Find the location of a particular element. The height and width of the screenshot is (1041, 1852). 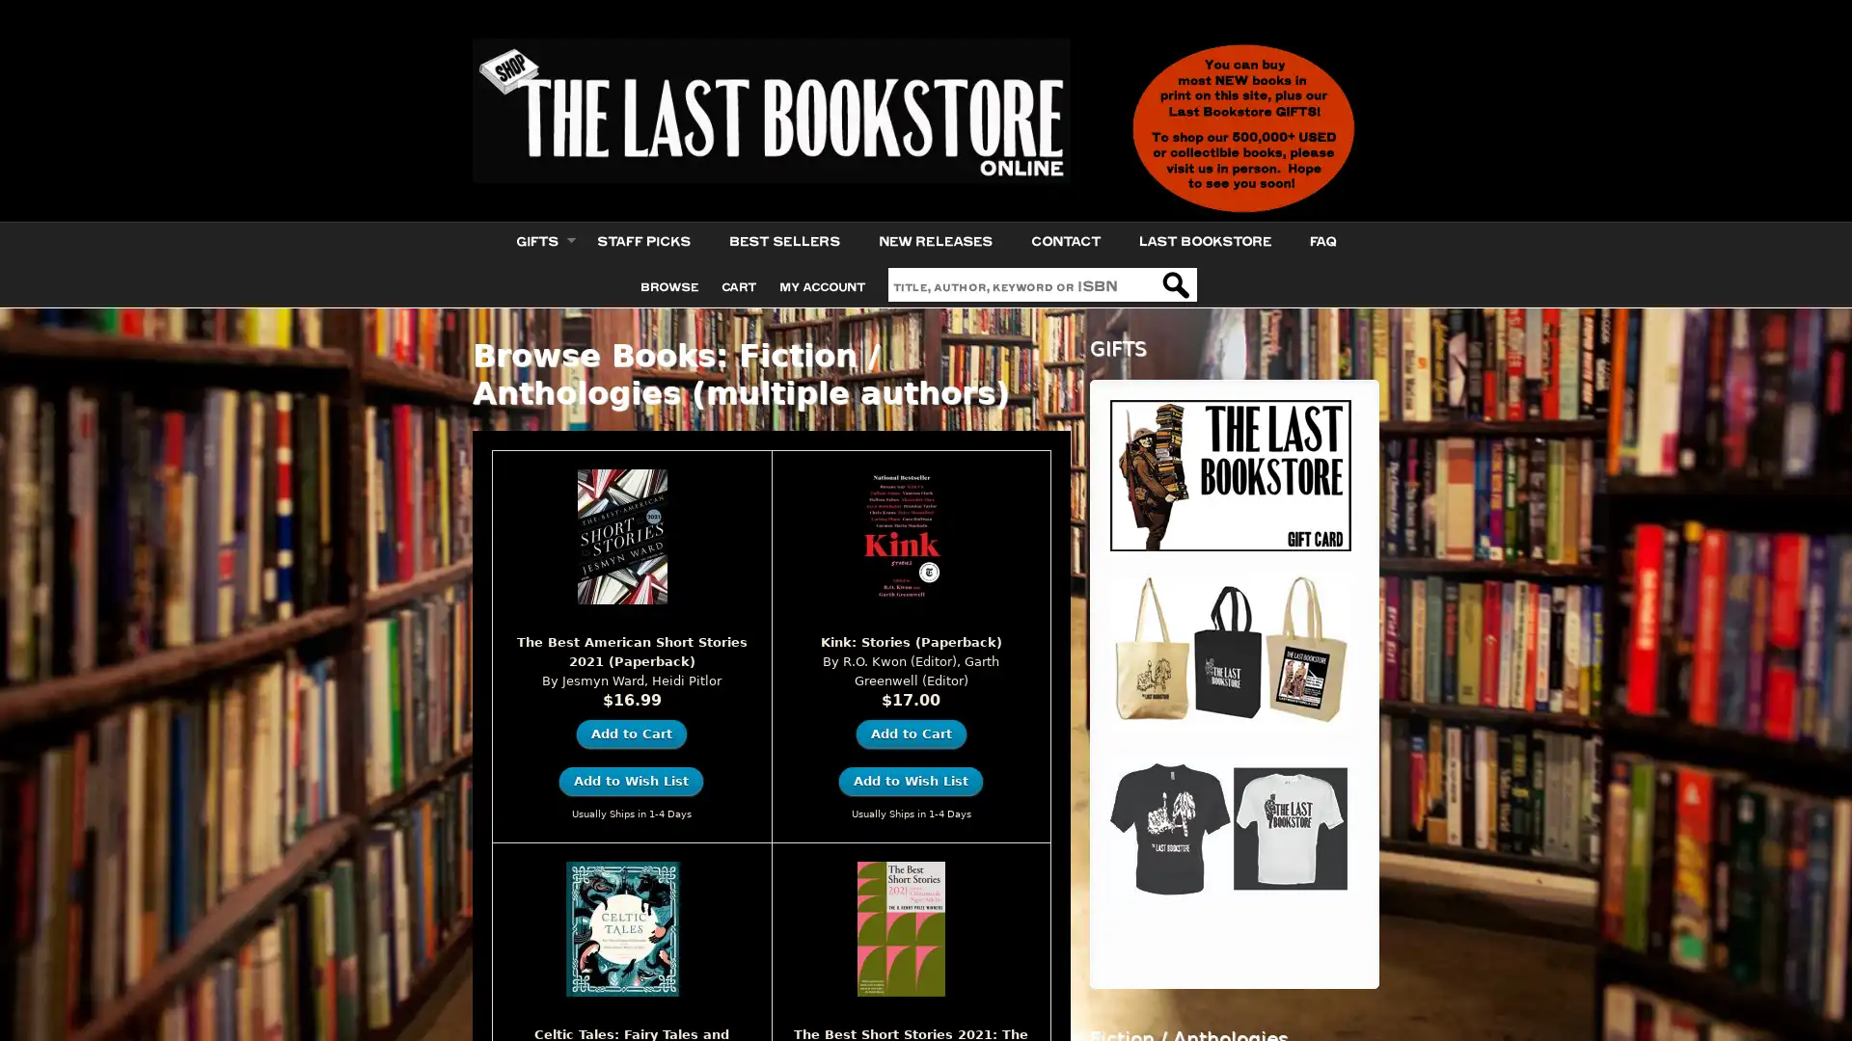

Add to Cart is located at coordinates (910, 733).